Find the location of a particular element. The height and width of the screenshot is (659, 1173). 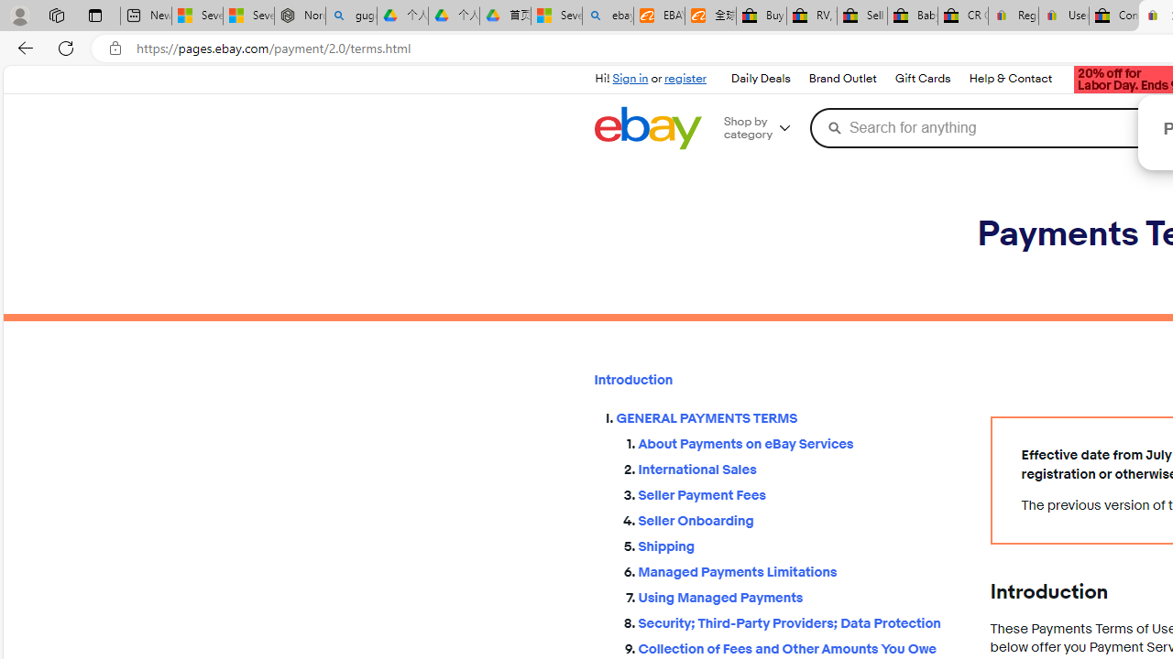

'Consumer Health Data Privacy Policy - eBay Inc.' is located at coordinates (1113, 16).